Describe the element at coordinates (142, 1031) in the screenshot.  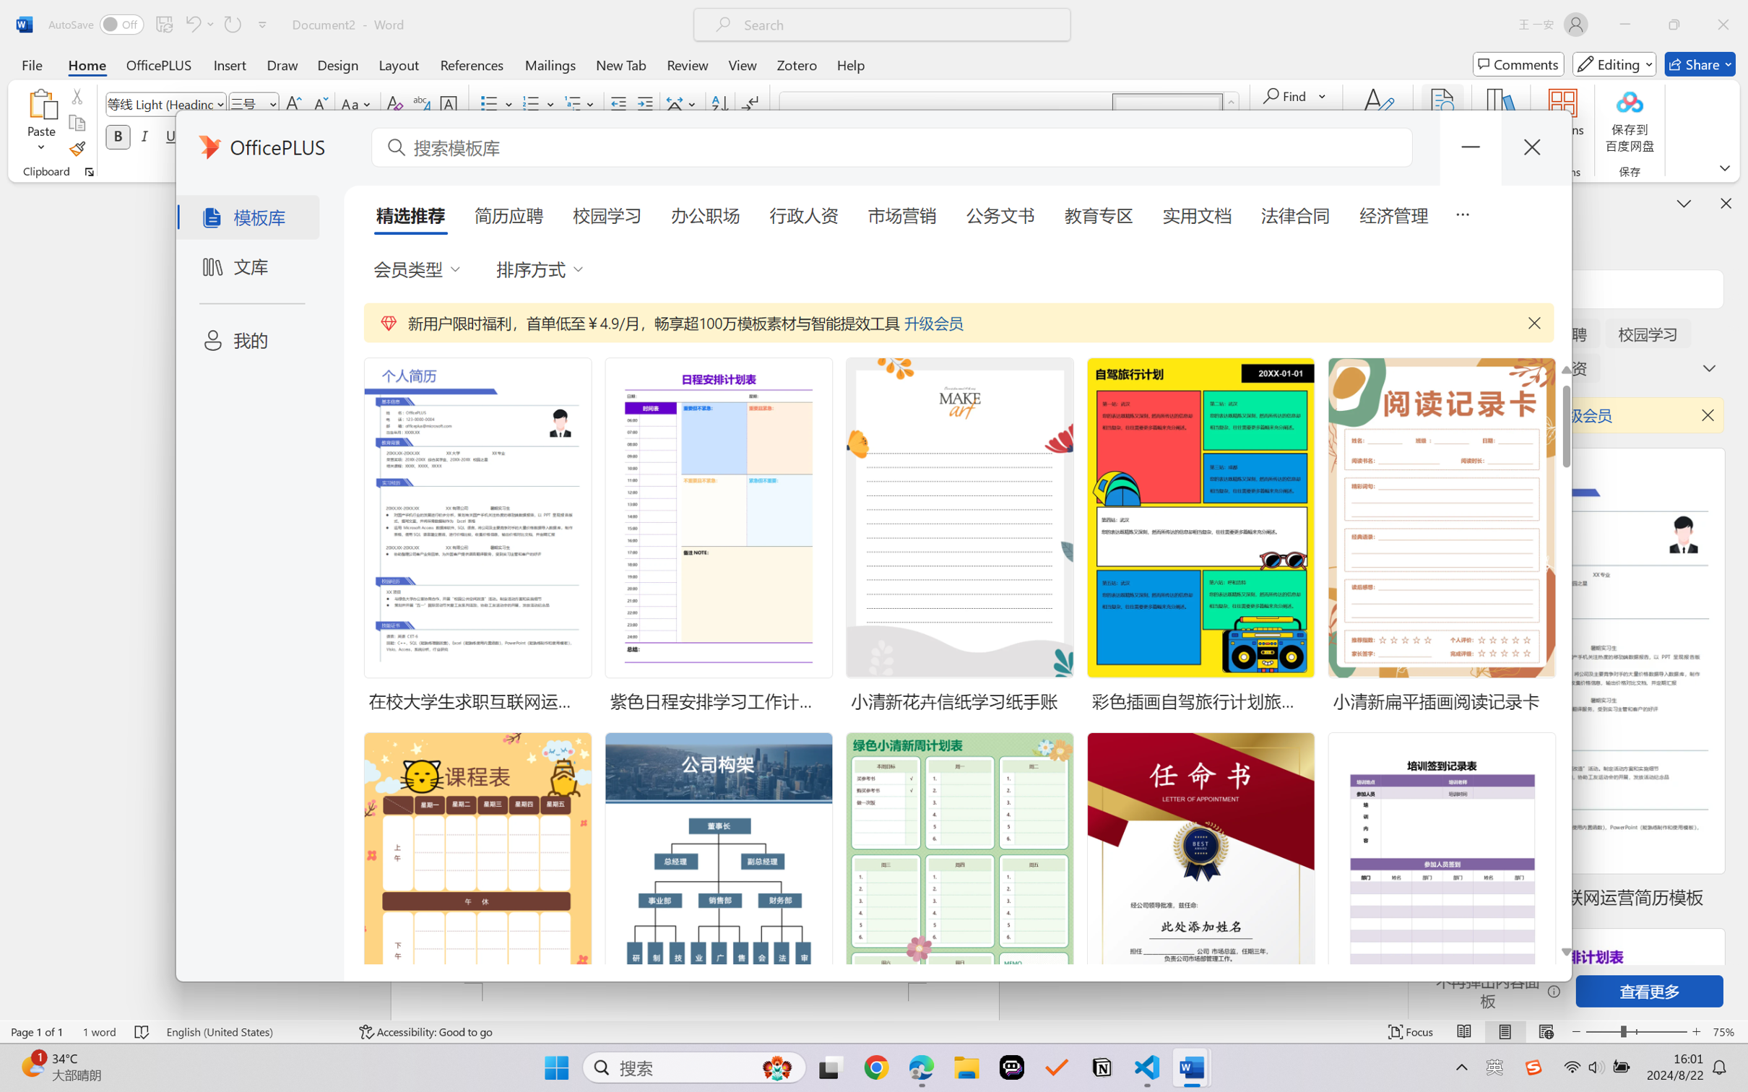
I see `'Spelling and Grammar Check No Errors'` at that location.